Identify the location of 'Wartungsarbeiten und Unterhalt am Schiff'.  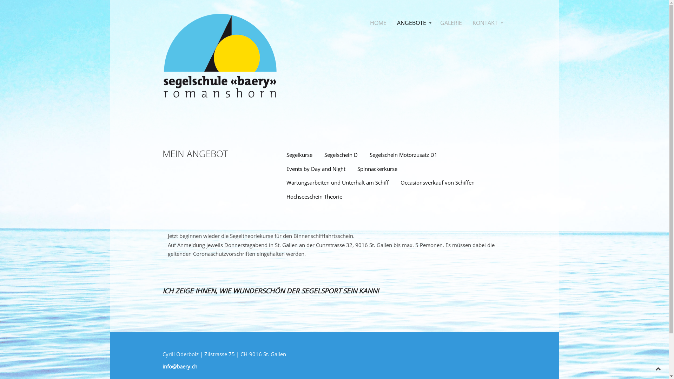
(337, 182).